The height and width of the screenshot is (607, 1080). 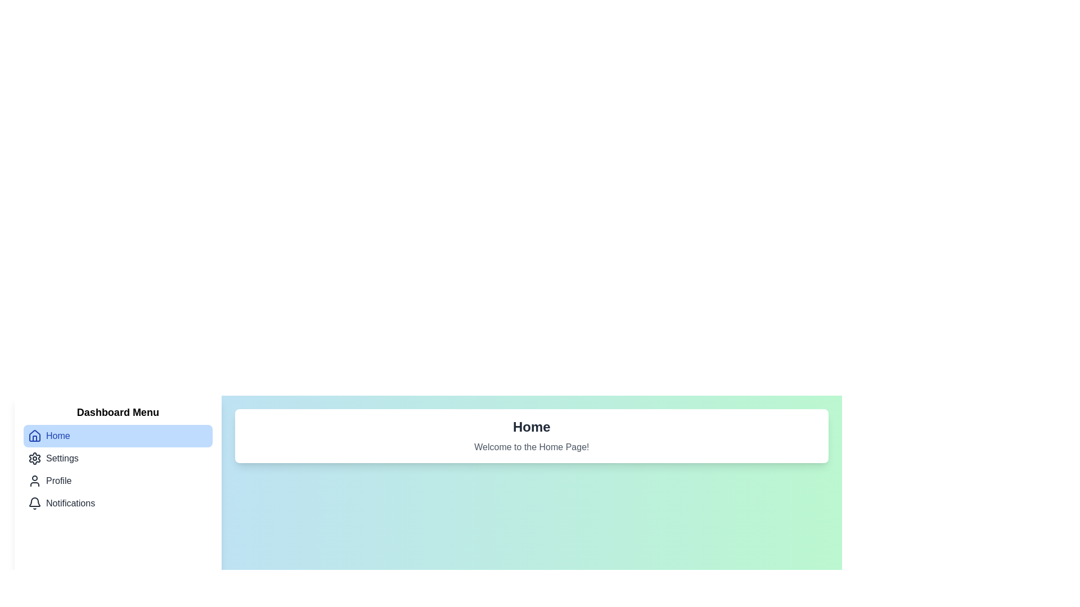 I want to click on the menu item corresponding to Profile, so click(x=118, y=481).